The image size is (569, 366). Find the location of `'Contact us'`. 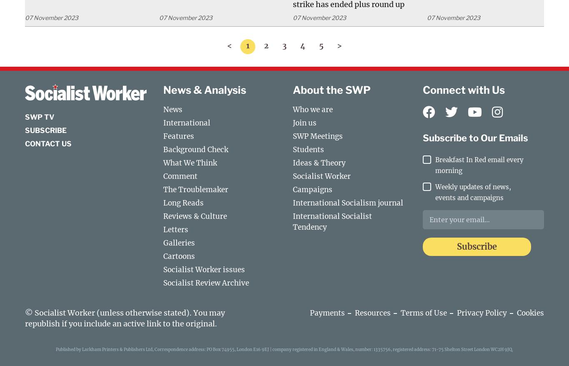

'Contact us' is located at coordinates (47, 143).